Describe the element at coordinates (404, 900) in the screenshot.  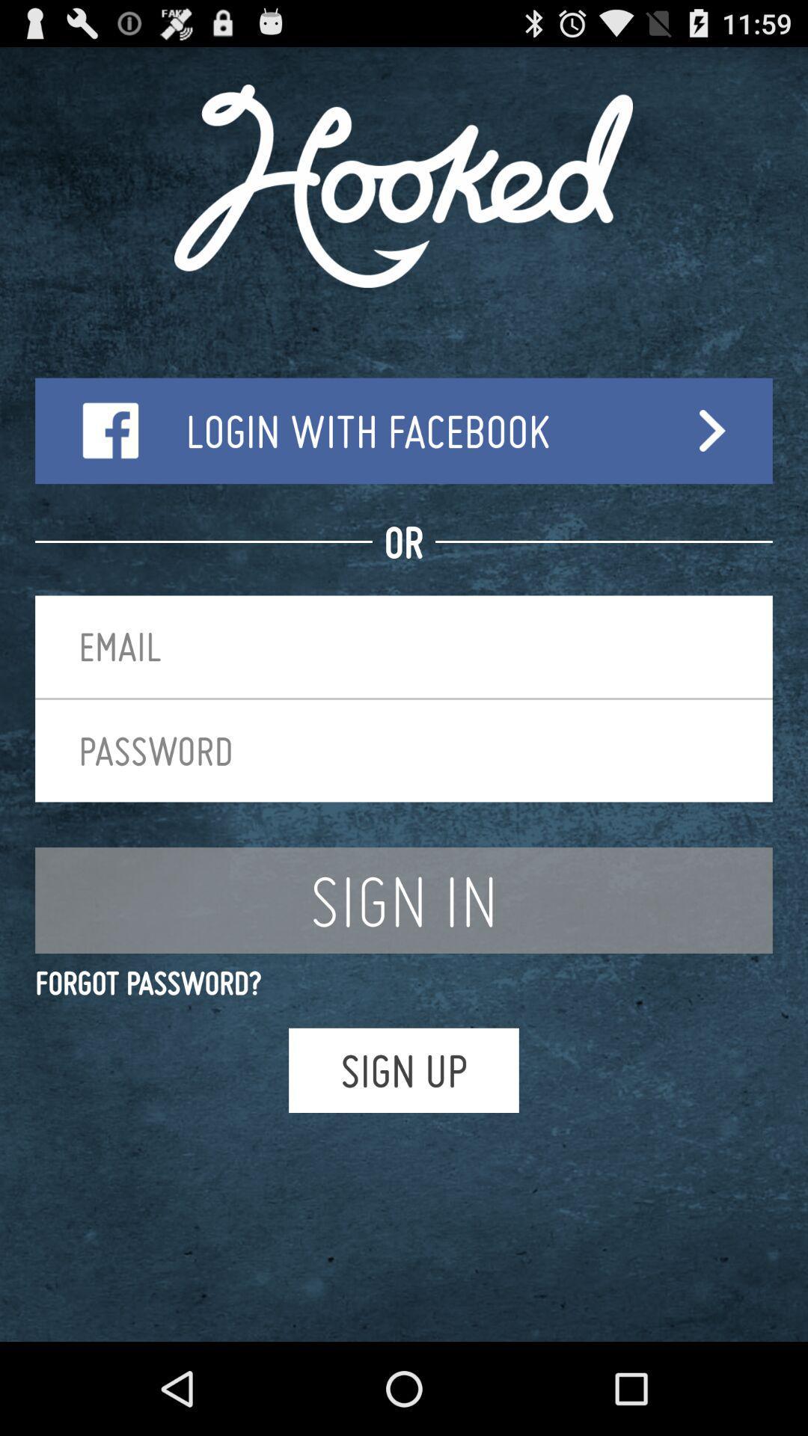
I see `the sign in icon` at that location.